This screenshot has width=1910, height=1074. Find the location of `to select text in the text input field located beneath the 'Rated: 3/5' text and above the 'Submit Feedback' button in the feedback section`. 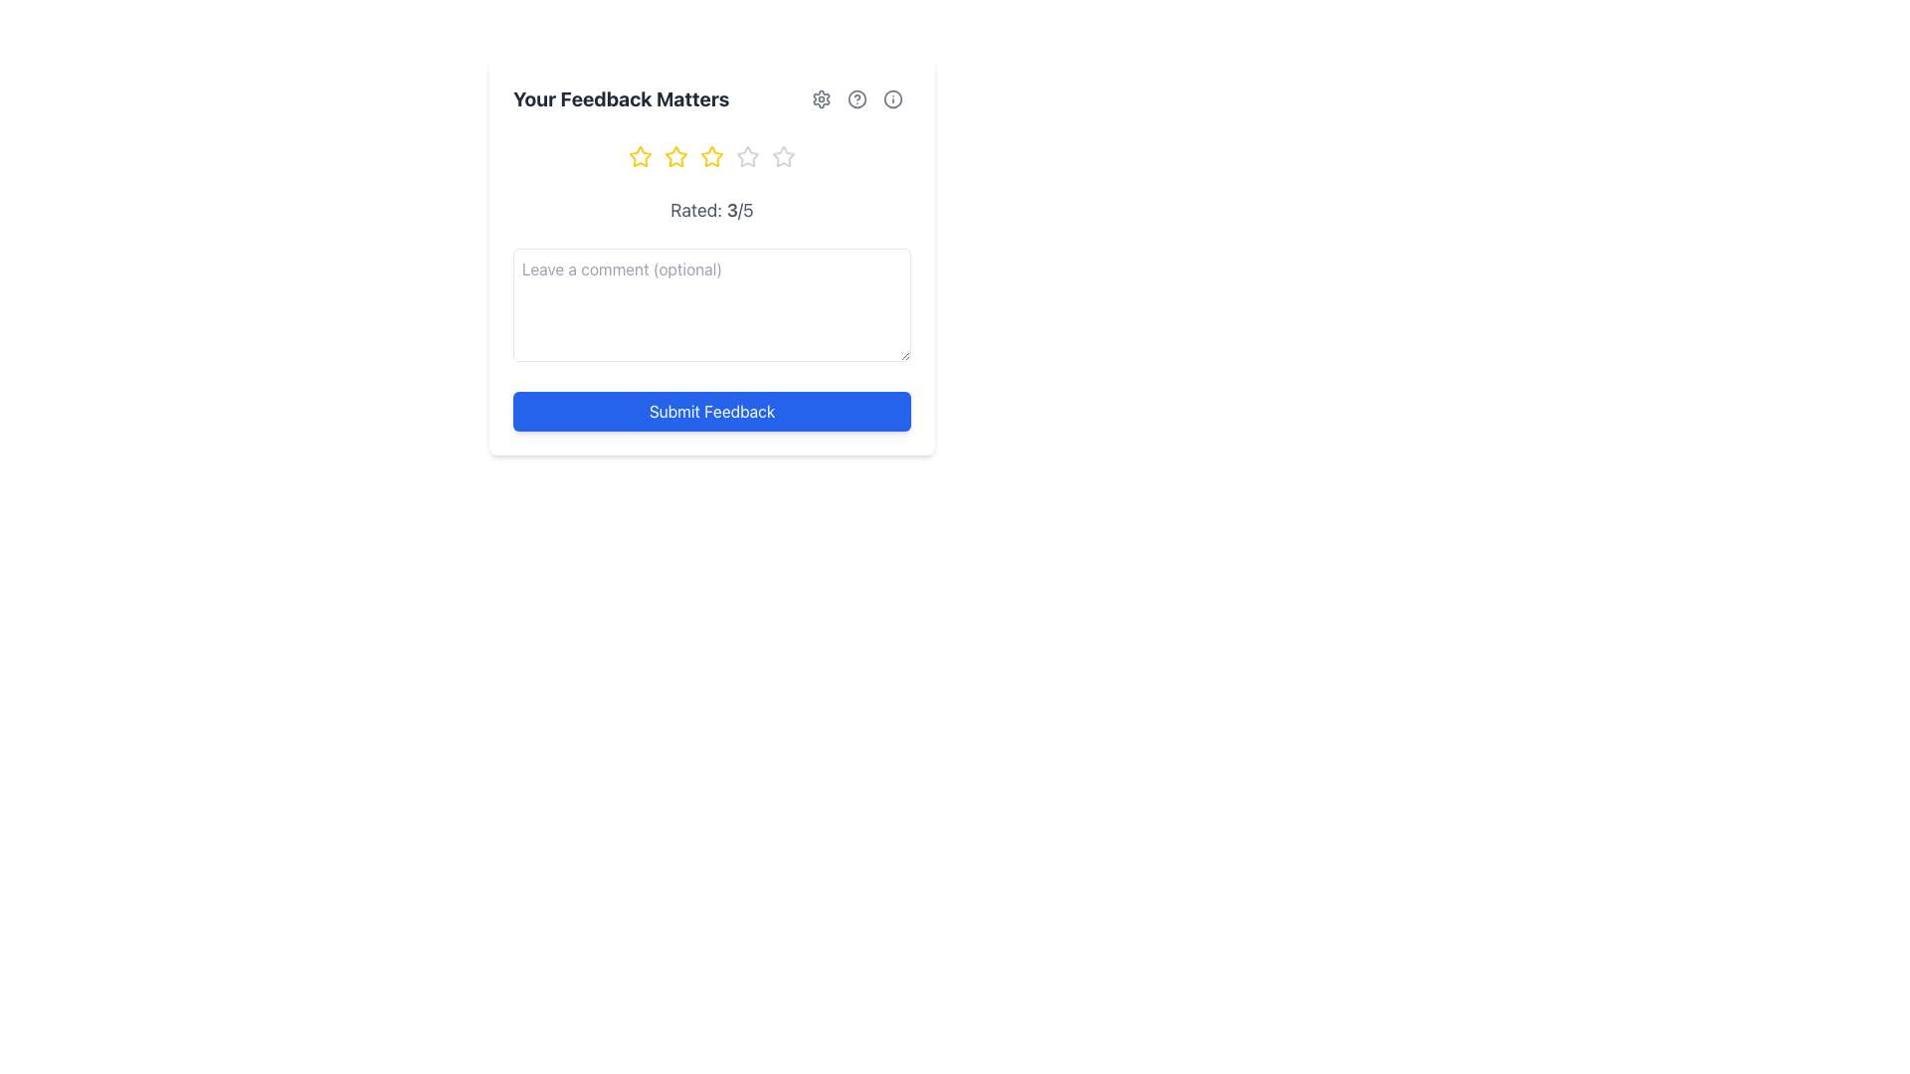

to select text in the text input field located beneath the 'Rated: 3/5' text and above the 'Submit Feedback' button in the feedback section is located at coordinates (711, 256).